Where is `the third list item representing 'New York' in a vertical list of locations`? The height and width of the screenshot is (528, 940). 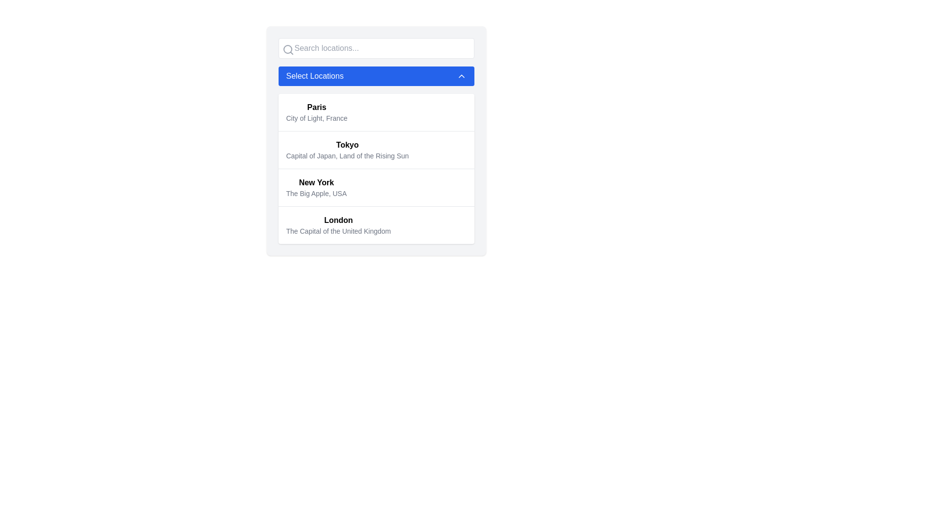 the third list item representing 'New York' in a vertical list of locations is located at coordinates (376, 187).